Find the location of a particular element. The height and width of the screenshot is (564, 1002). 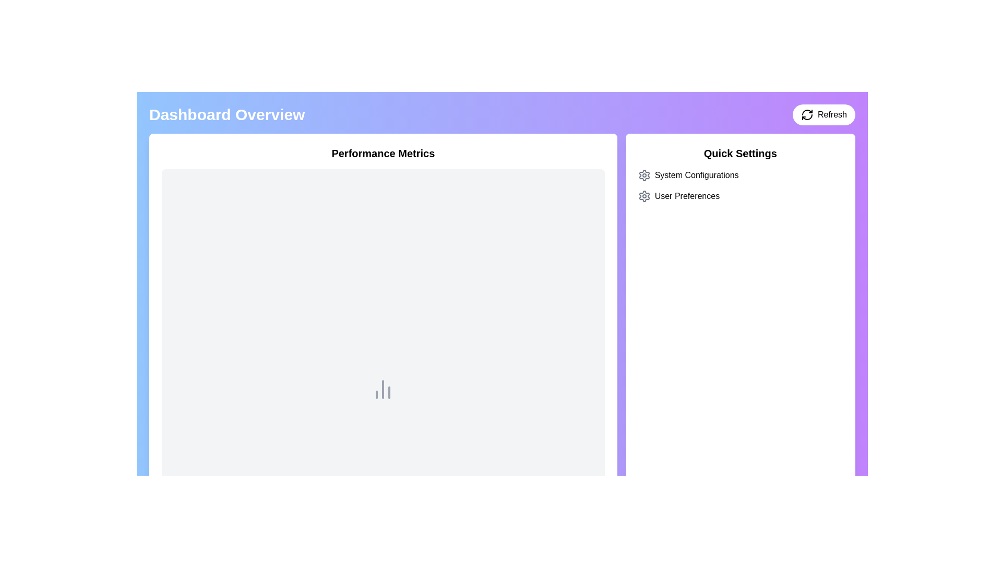

the small gray gear icon located to the left of the 'User Preferences' text in the 'Quick Settings' group is located at coordinates (643, 196).